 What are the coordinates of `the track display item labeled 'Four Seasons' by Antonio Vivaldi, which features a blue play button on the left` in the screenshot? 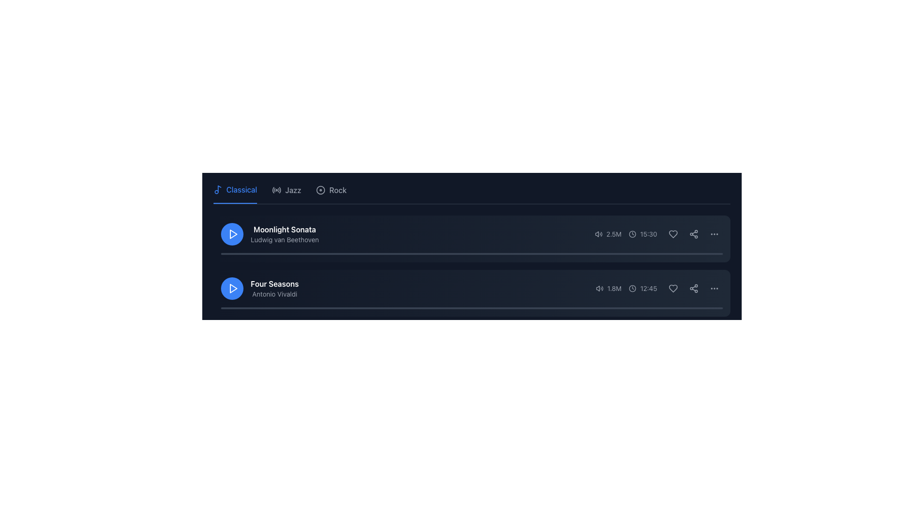 It's located at (259, 288).